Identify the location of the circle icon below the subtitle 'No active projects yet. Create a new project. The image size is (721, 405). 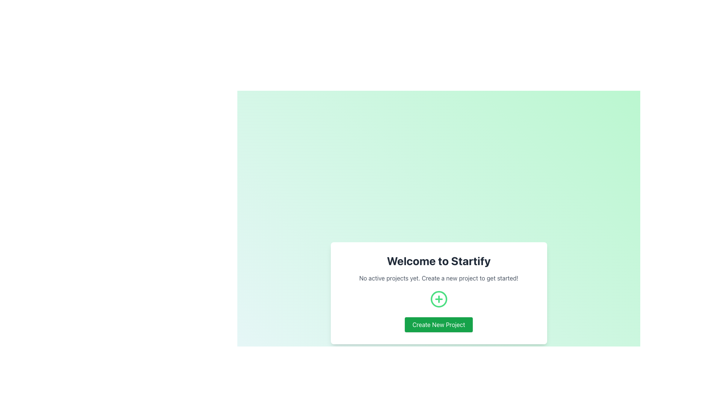
(439, 299).